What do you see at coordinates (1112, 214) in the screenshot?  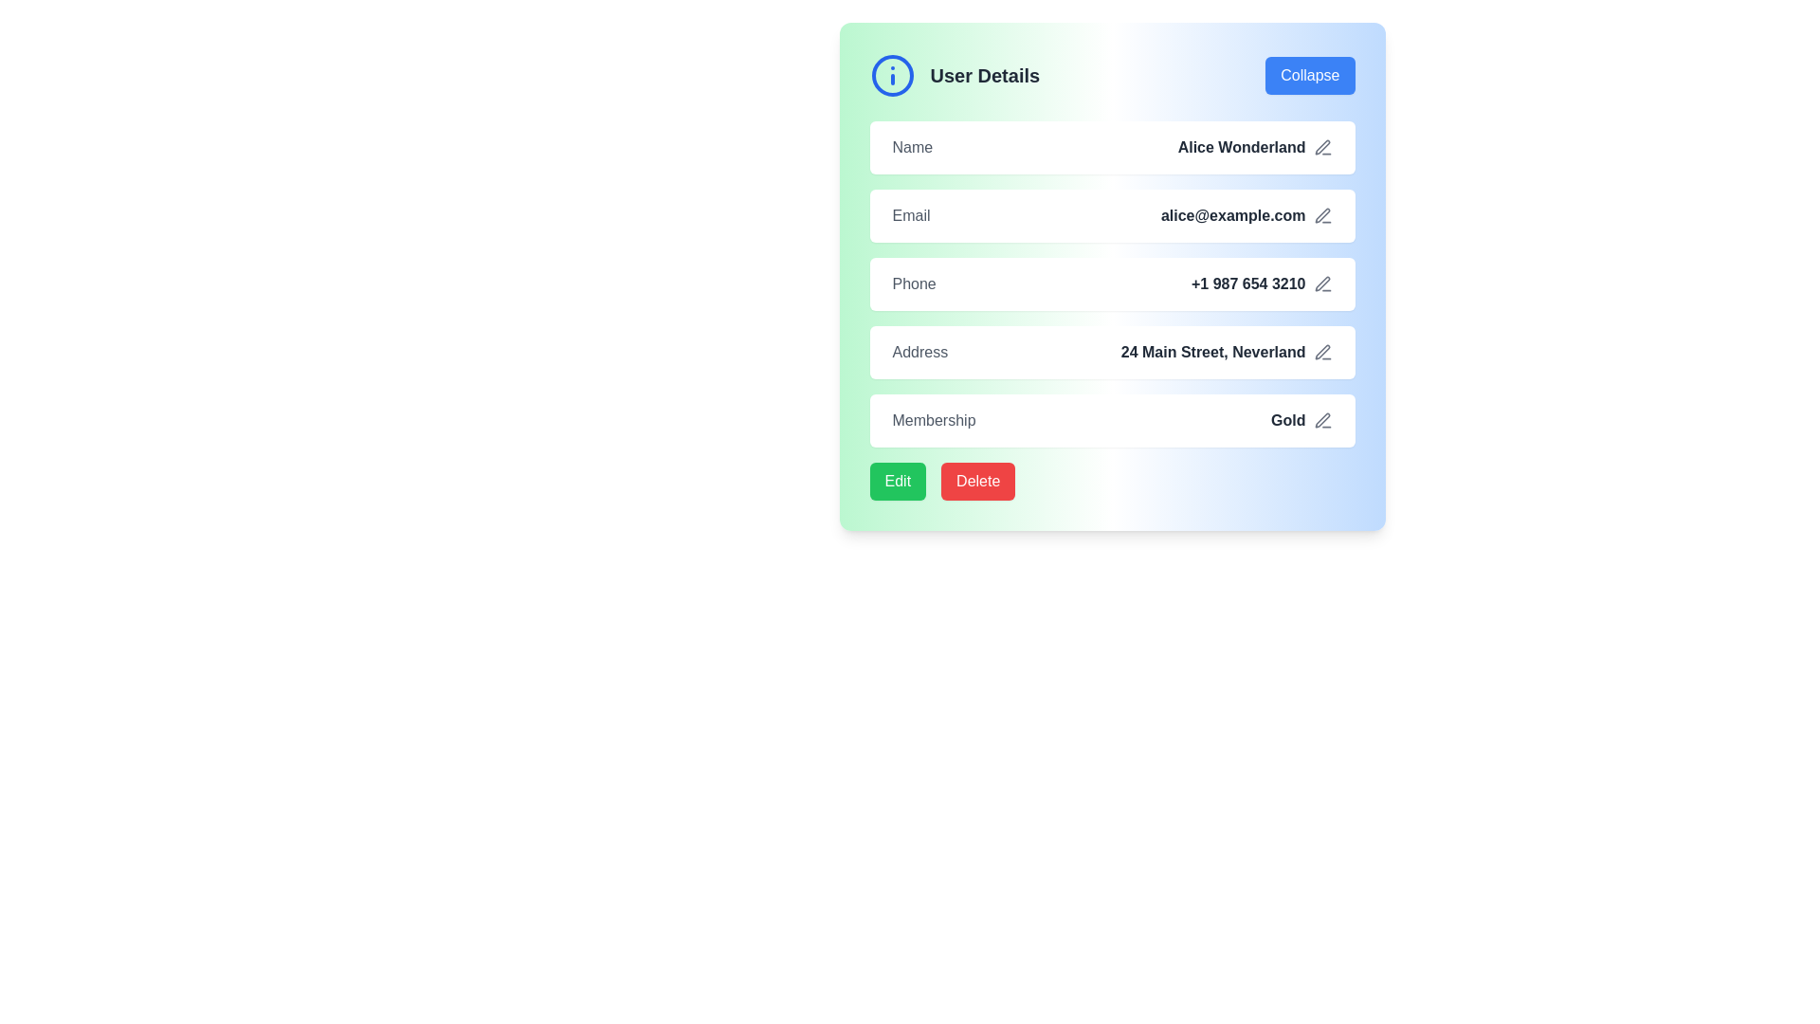 I see `the email address 'alice@example.com' in the Information display row` at bounding box center [1112, 214].